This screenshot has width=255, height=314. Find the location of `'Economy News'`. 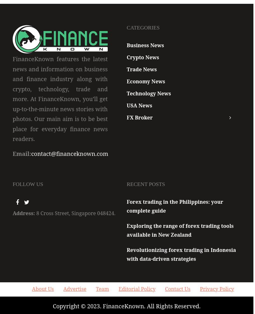

'Economy News' is located at coordinates (146, 81).